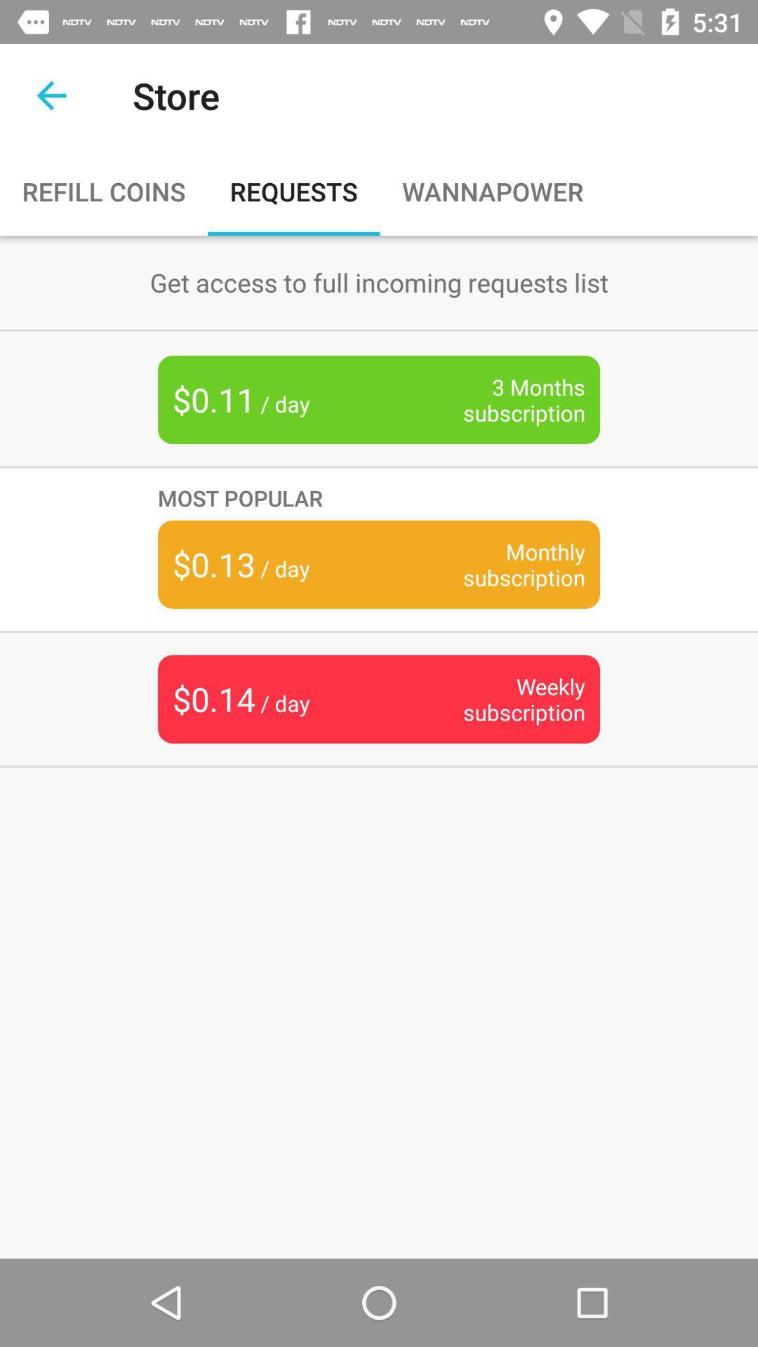 This screenshot has height=1347, width=758. Describe the element at coordinates (502, 399) in the screenshot. I see `item below get access to item` at that location.